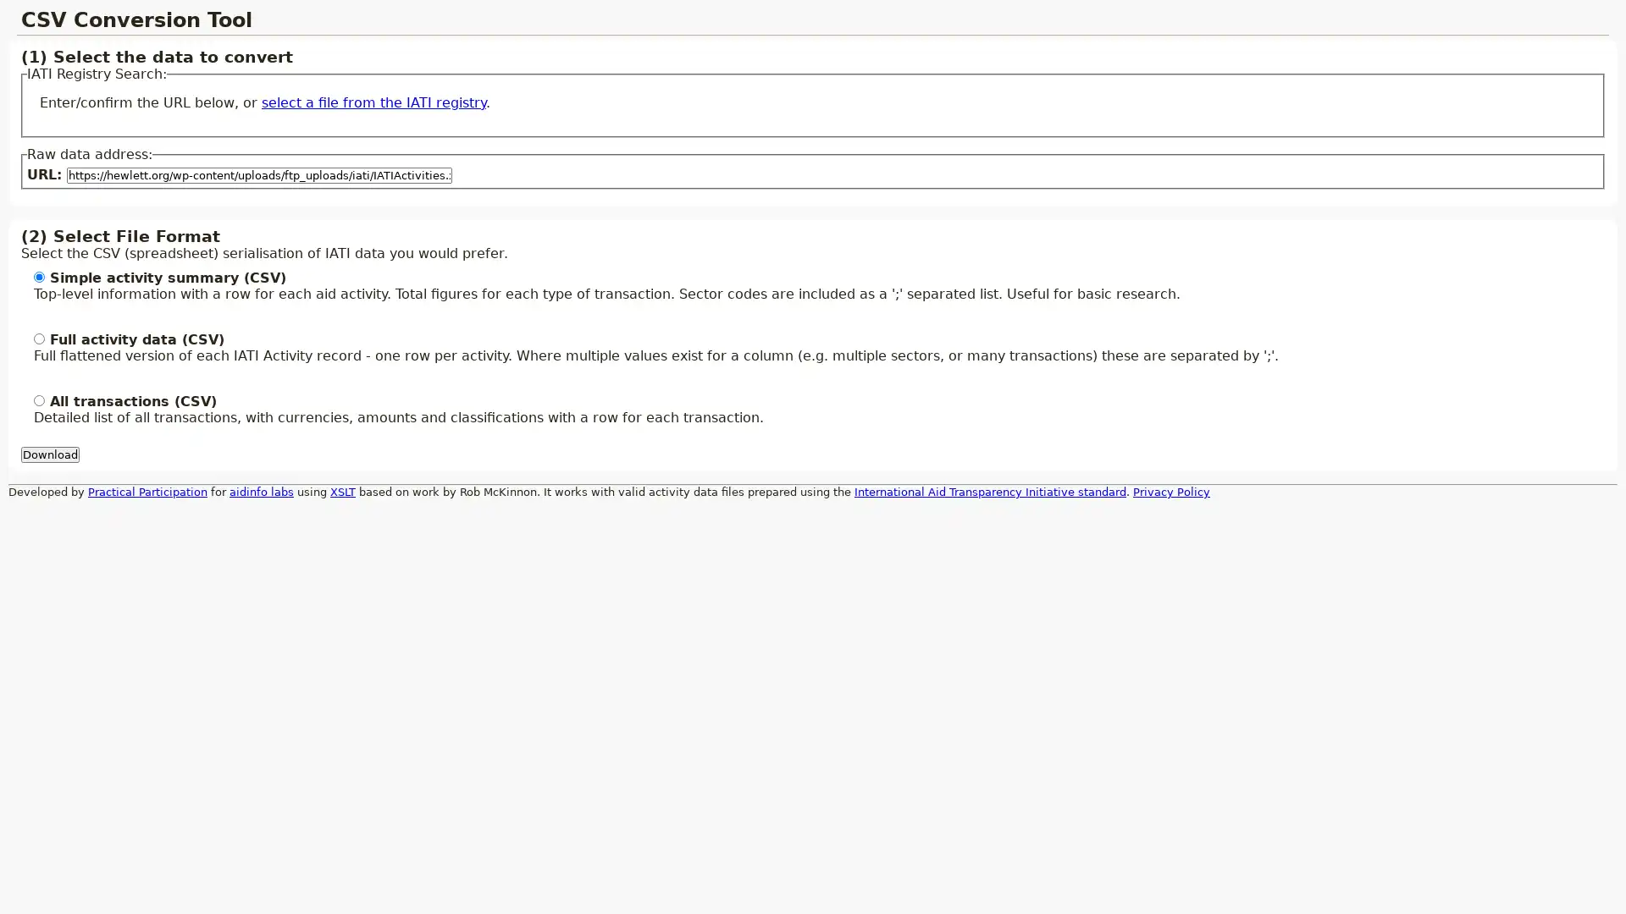 This screenshot has height=914, width=1626. Describe the element at coordinates (50, 454) in the screenshot. I see `Download` at that location.